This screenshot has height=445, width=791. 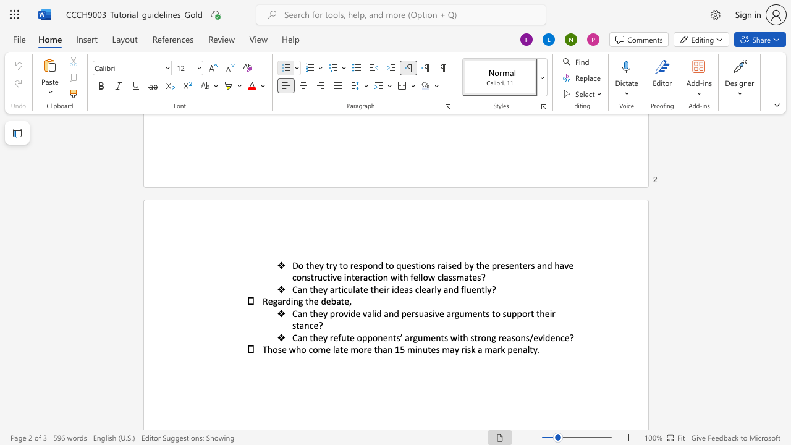 I want to click on the space between the continuous character "u" and "c" in the text, so click(x=322, y=276).